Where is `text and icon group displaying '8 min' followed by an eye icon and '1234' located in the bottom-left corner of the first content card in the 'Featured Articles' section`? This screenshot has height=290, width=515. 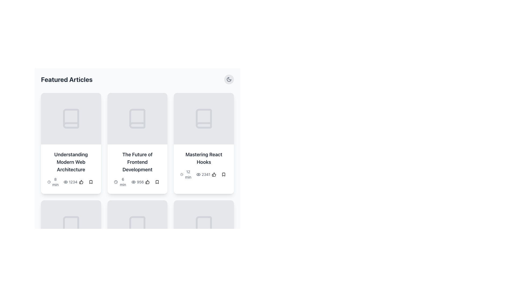 text and icon group displaying '8 min' followed by an eye icon and '1234' located in the bottom-left corner of the first content card in the 'Featured Articles' section is located at coordinates (62, 182).